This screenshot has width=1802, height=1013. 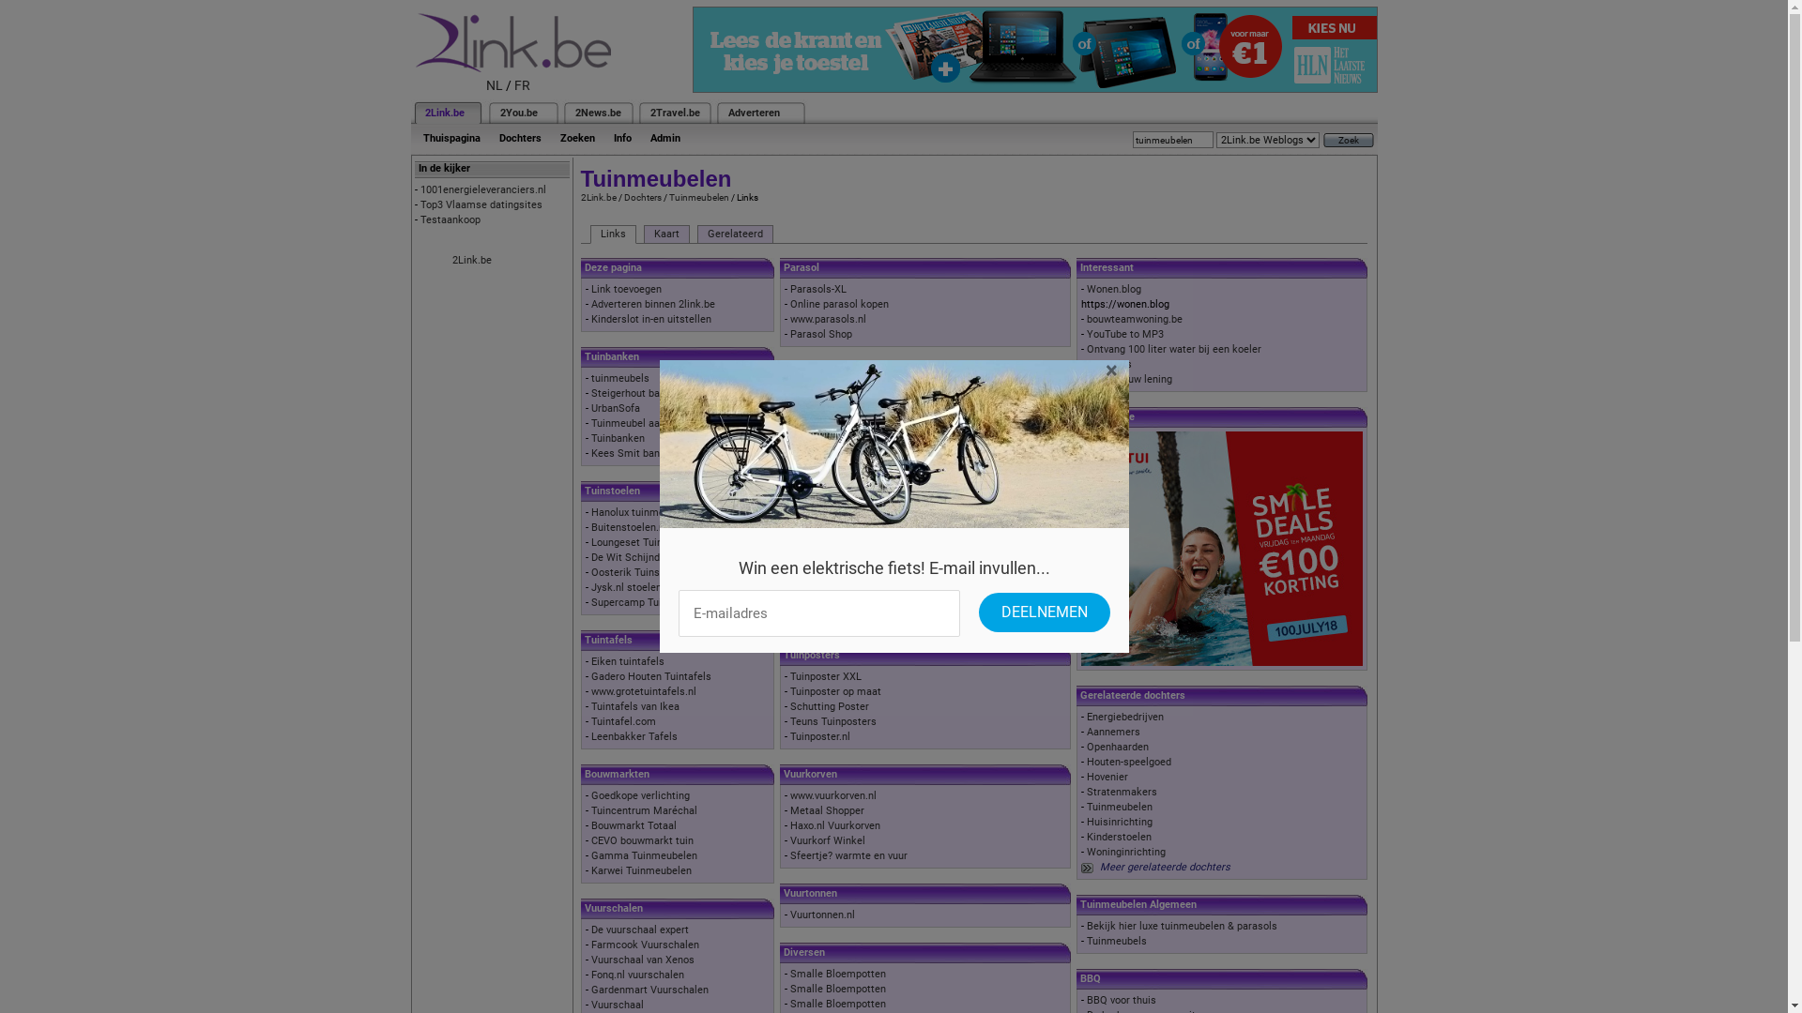 I want to click on 'Kaart', so click(x=666, y=234).